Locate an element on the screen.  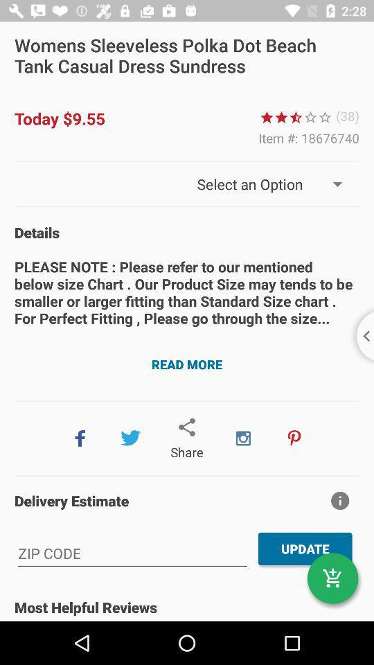
the cart icon is located at coordinates (332, 578).